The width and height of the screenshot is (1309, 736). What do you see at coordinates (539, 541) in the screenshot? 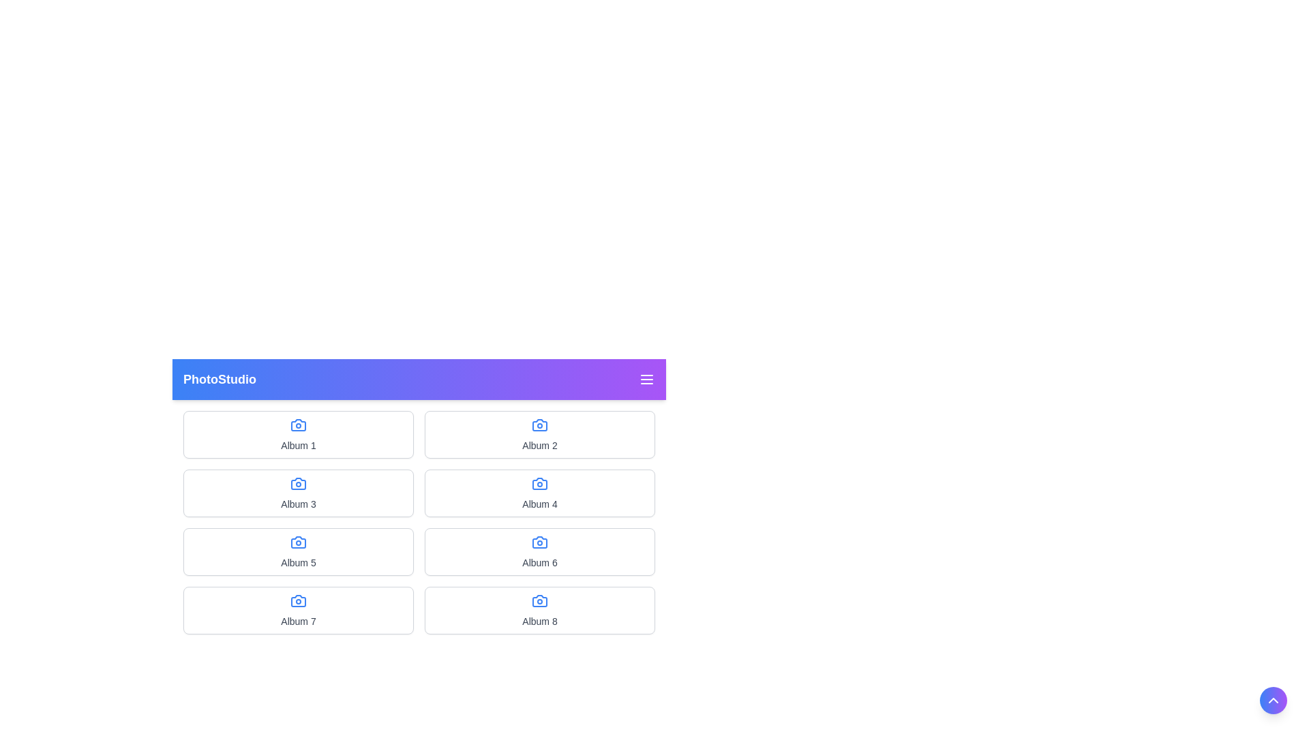
I see `the camera icon in the sixth item of the grid layout labeled 'Album 6', which is located below the title 'PhotoStudio'` at bounding box center [539, 541].